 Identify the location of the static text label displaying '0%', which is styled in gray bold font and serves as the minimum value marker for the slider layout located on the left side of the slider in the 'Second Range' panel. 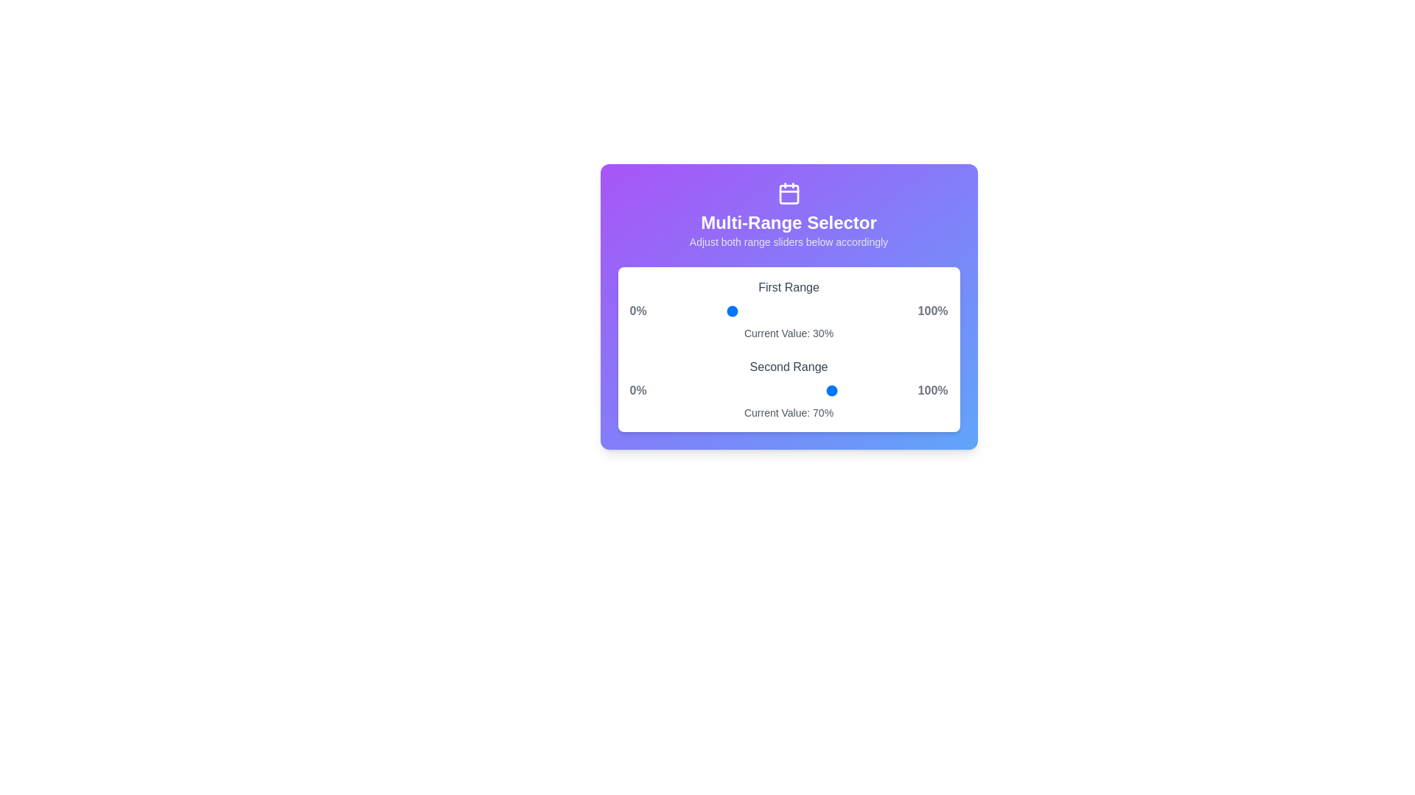
(638, 390).